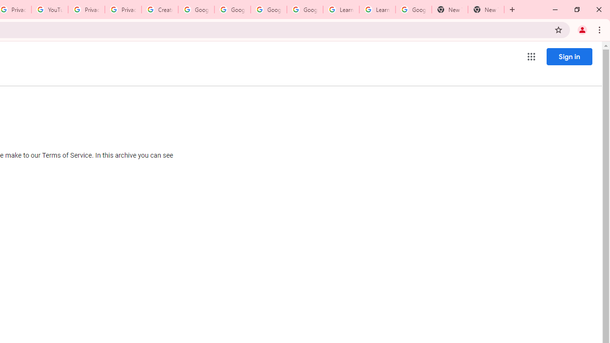 The height and width of the screenshot is (343, 610). Describe the element at coordinates (413, 10) in the screenshot. I see `'Google Account'` at that location.